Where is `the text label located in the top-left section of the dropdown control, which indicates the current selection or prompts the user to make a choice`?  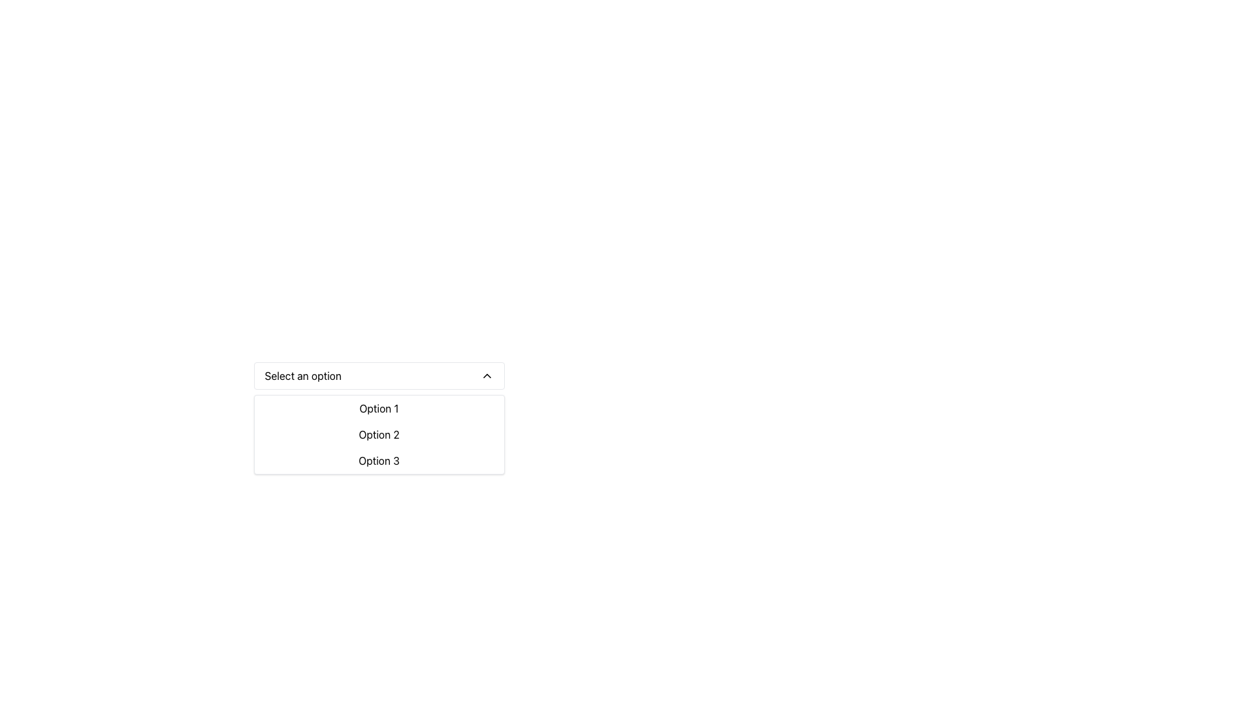 the text label located in the top-left section of the dropdown control, which indicates the current selection or prompts the user to make a choice is located at coordinates (302, 375).